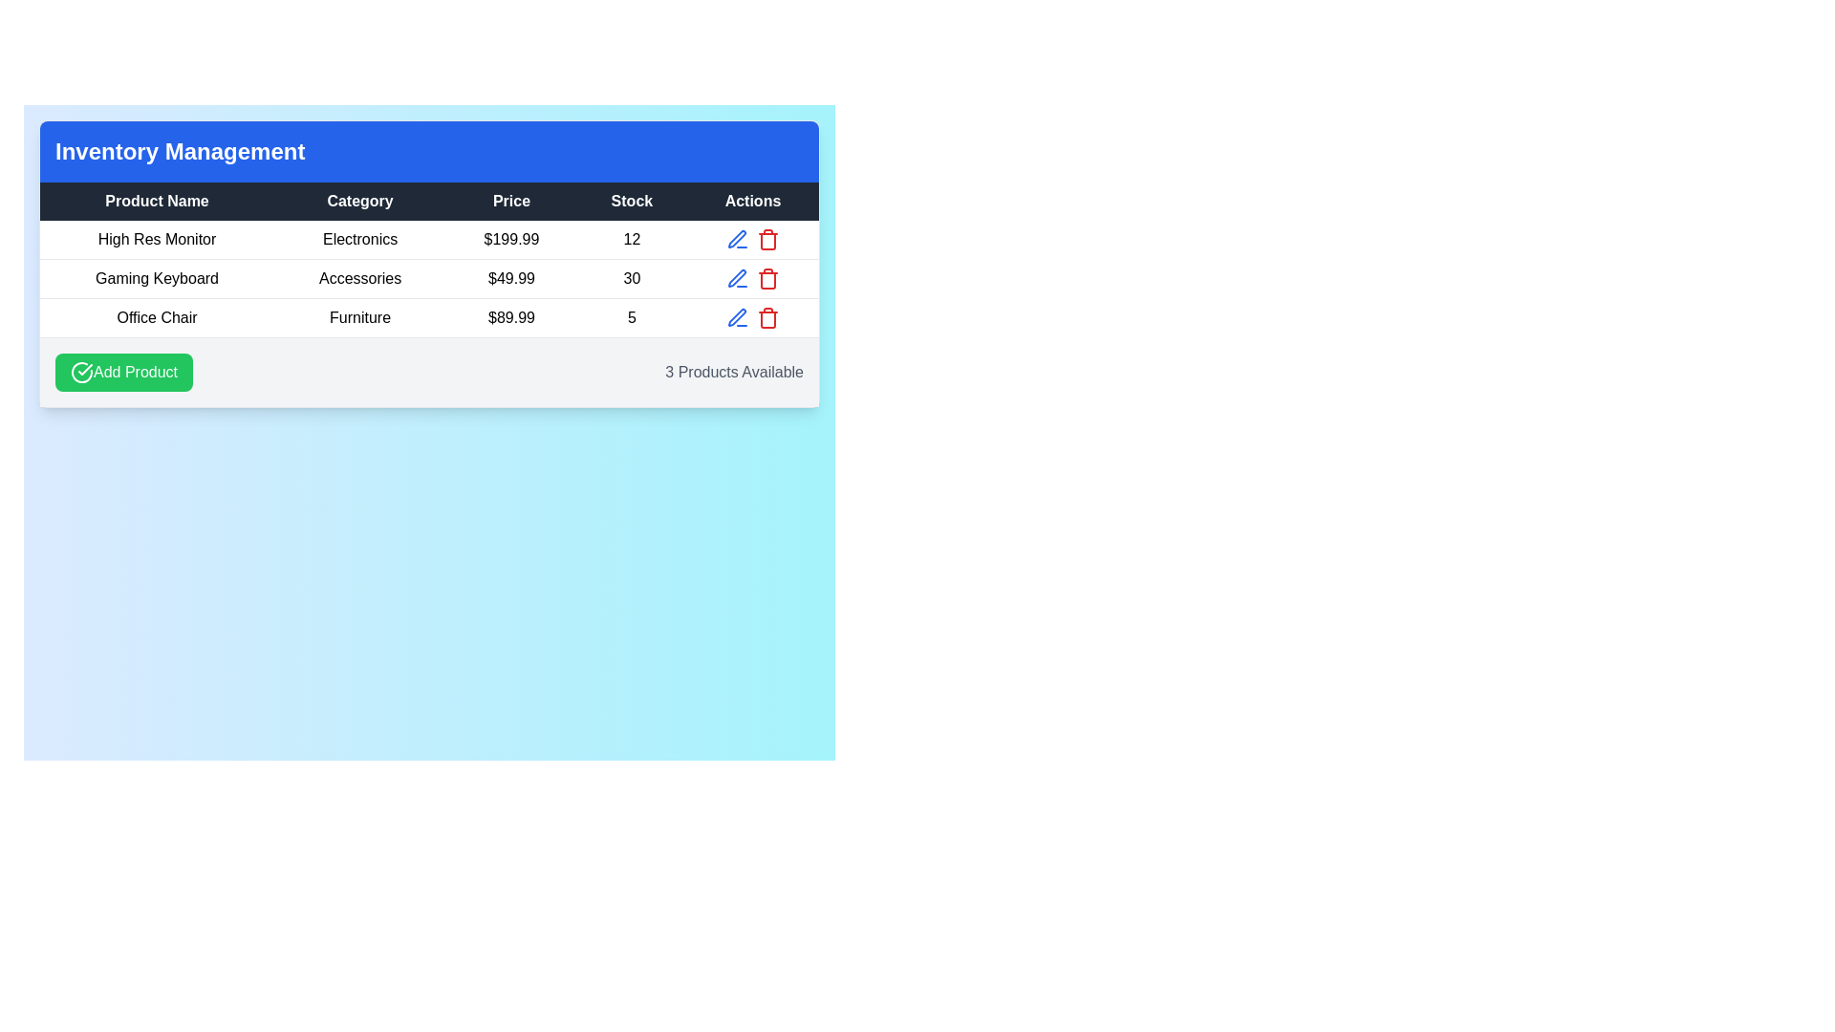 The image size is (1835, 1032). What do you see at coordinates (157, 239) in the screenshot?
I see `the text label 'High Res Monitor' located in the 'Product Name' column of the 'Inventory Management' table` at bounding box center [157, 239].